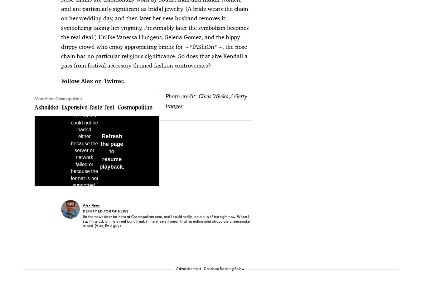  Describe the element at coordinates (36, 288) in the screenshot. I see `'Privacy Notice'` at that location.